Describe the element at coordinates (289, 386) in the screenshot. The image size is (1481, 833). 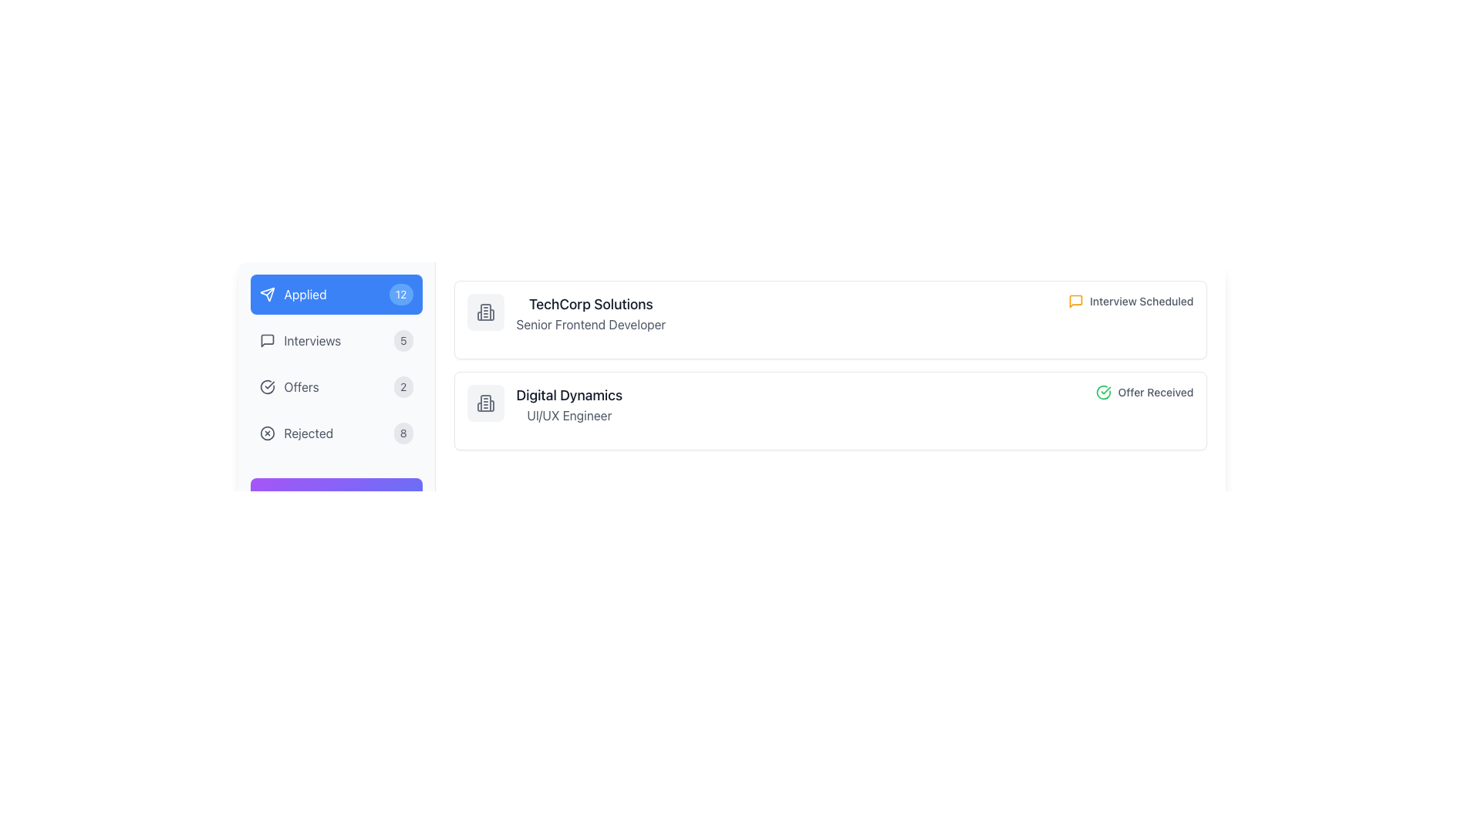
I see `the third menu item in the left sidebar` at that location.